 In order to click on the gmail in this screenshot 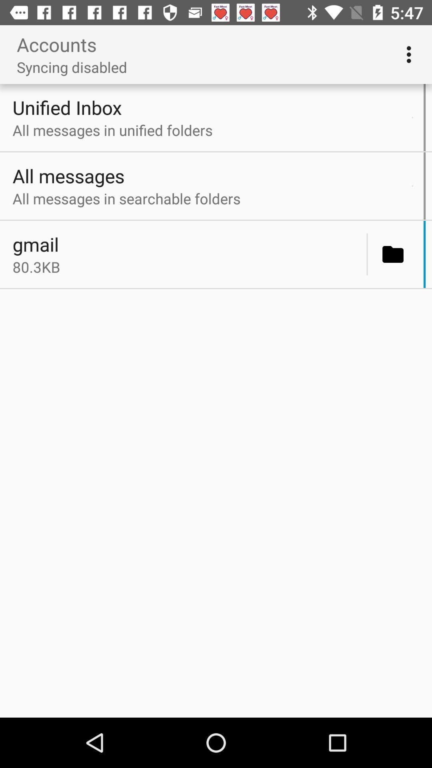, I will do `click(187, 244)`.